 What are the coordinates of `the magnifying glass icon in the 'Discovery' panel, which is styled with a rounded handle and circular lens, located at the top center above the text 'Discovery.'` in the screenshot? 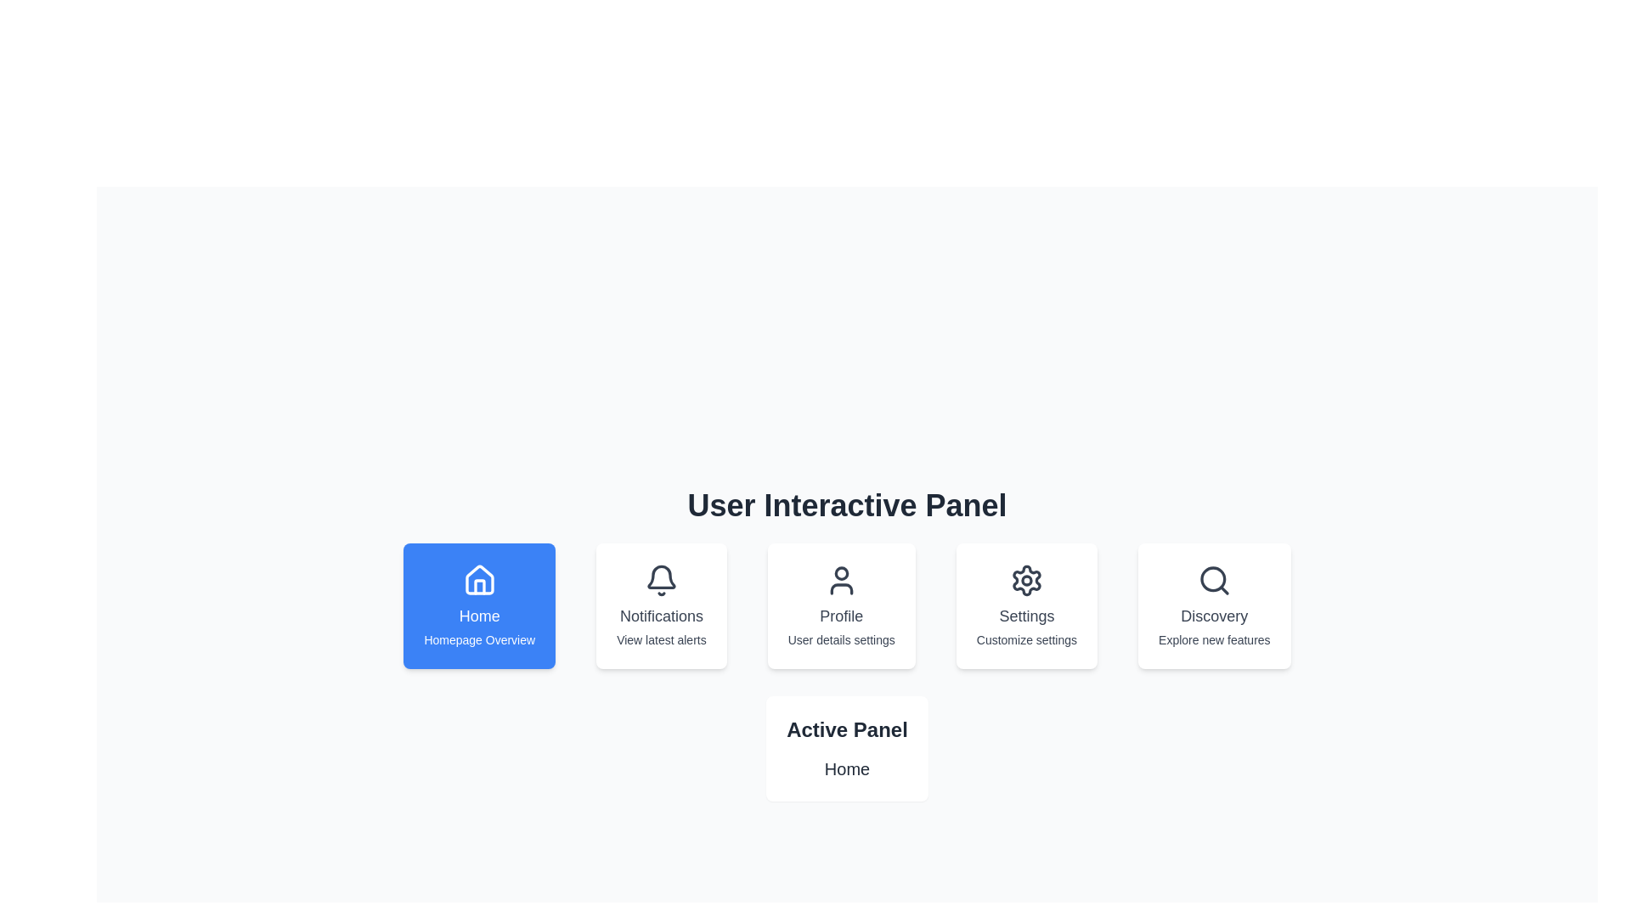 It's located at (1213, 579).